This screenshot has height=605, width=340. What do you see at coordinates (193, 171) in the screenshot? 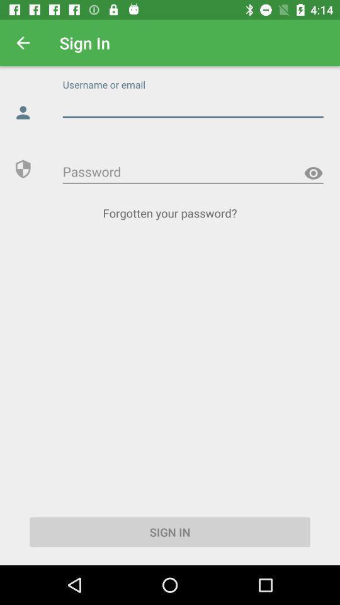
I see `password` at bounding box center [193, 171].